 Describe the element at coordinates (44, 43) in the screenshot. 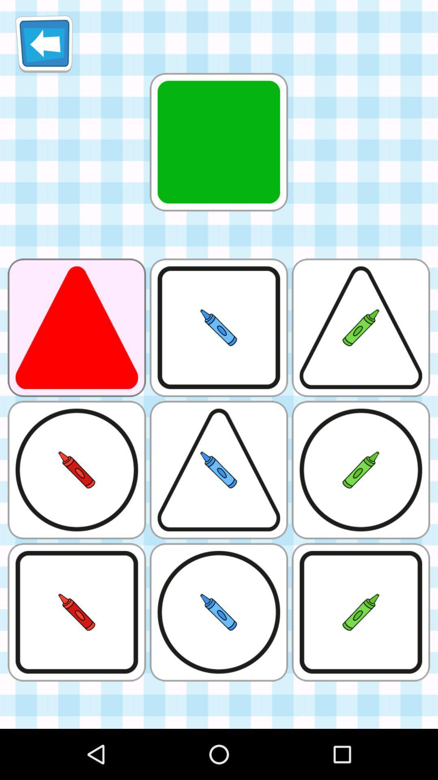

I see `go back` at that location.